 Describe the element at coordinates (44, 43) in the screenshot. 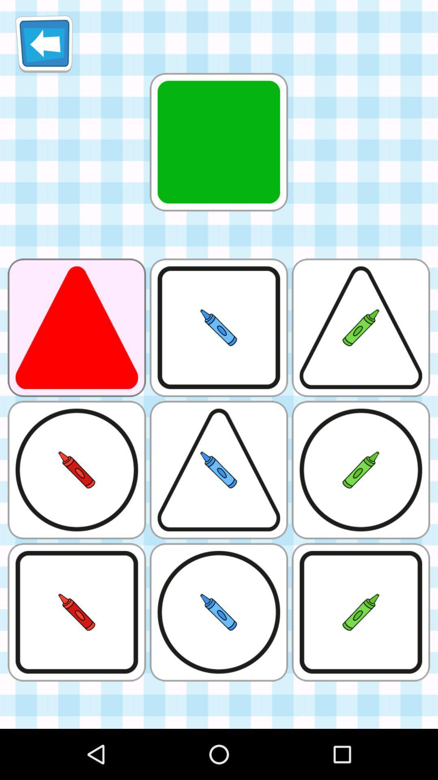

I see `go back` at that location.